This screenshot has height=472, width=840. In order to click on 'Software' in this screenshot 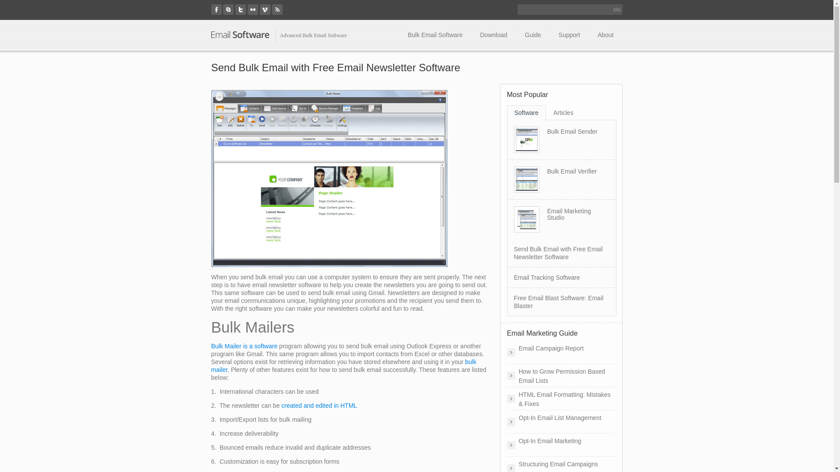, I will do `click(525, 112)`.